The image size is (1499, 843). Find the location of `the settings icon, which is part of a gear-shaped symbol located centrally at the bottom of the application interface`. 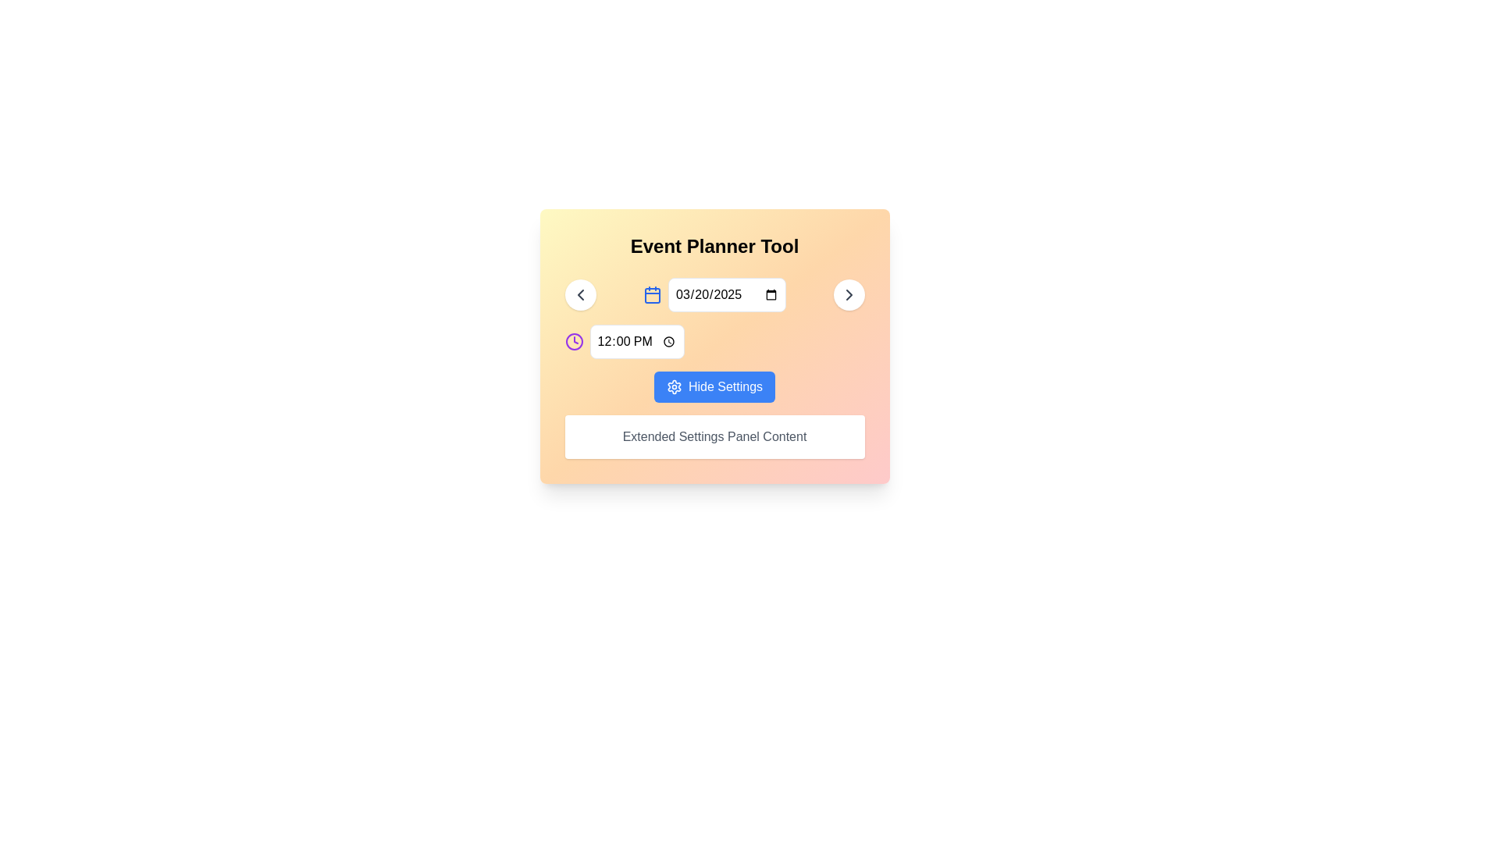

the settings icon, which is part of a gear-shaped symbol located centrally at the bottom of the application interface is located at coordinates (675, 386).